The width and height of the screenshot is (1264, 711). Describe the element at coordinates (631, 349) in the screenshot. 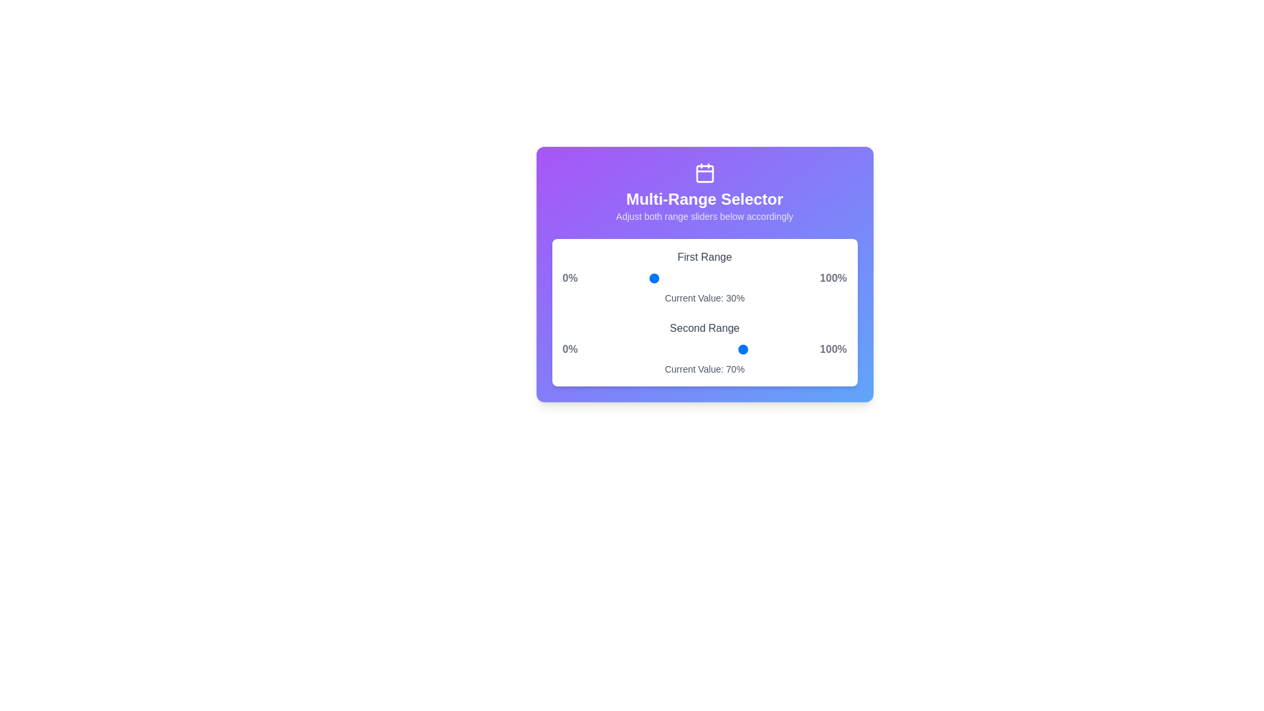

I see `the second slider range` at that location.